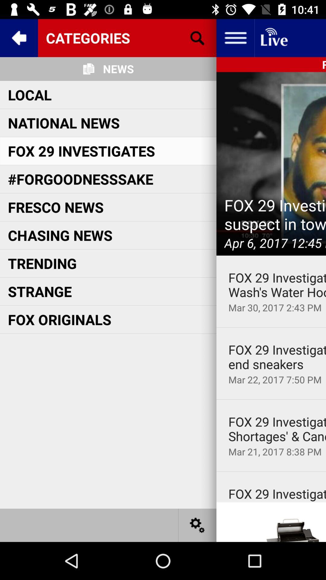 This screenshot has height=580, width=326. I want to click on the arrow_backward icon, so click(18, 37).